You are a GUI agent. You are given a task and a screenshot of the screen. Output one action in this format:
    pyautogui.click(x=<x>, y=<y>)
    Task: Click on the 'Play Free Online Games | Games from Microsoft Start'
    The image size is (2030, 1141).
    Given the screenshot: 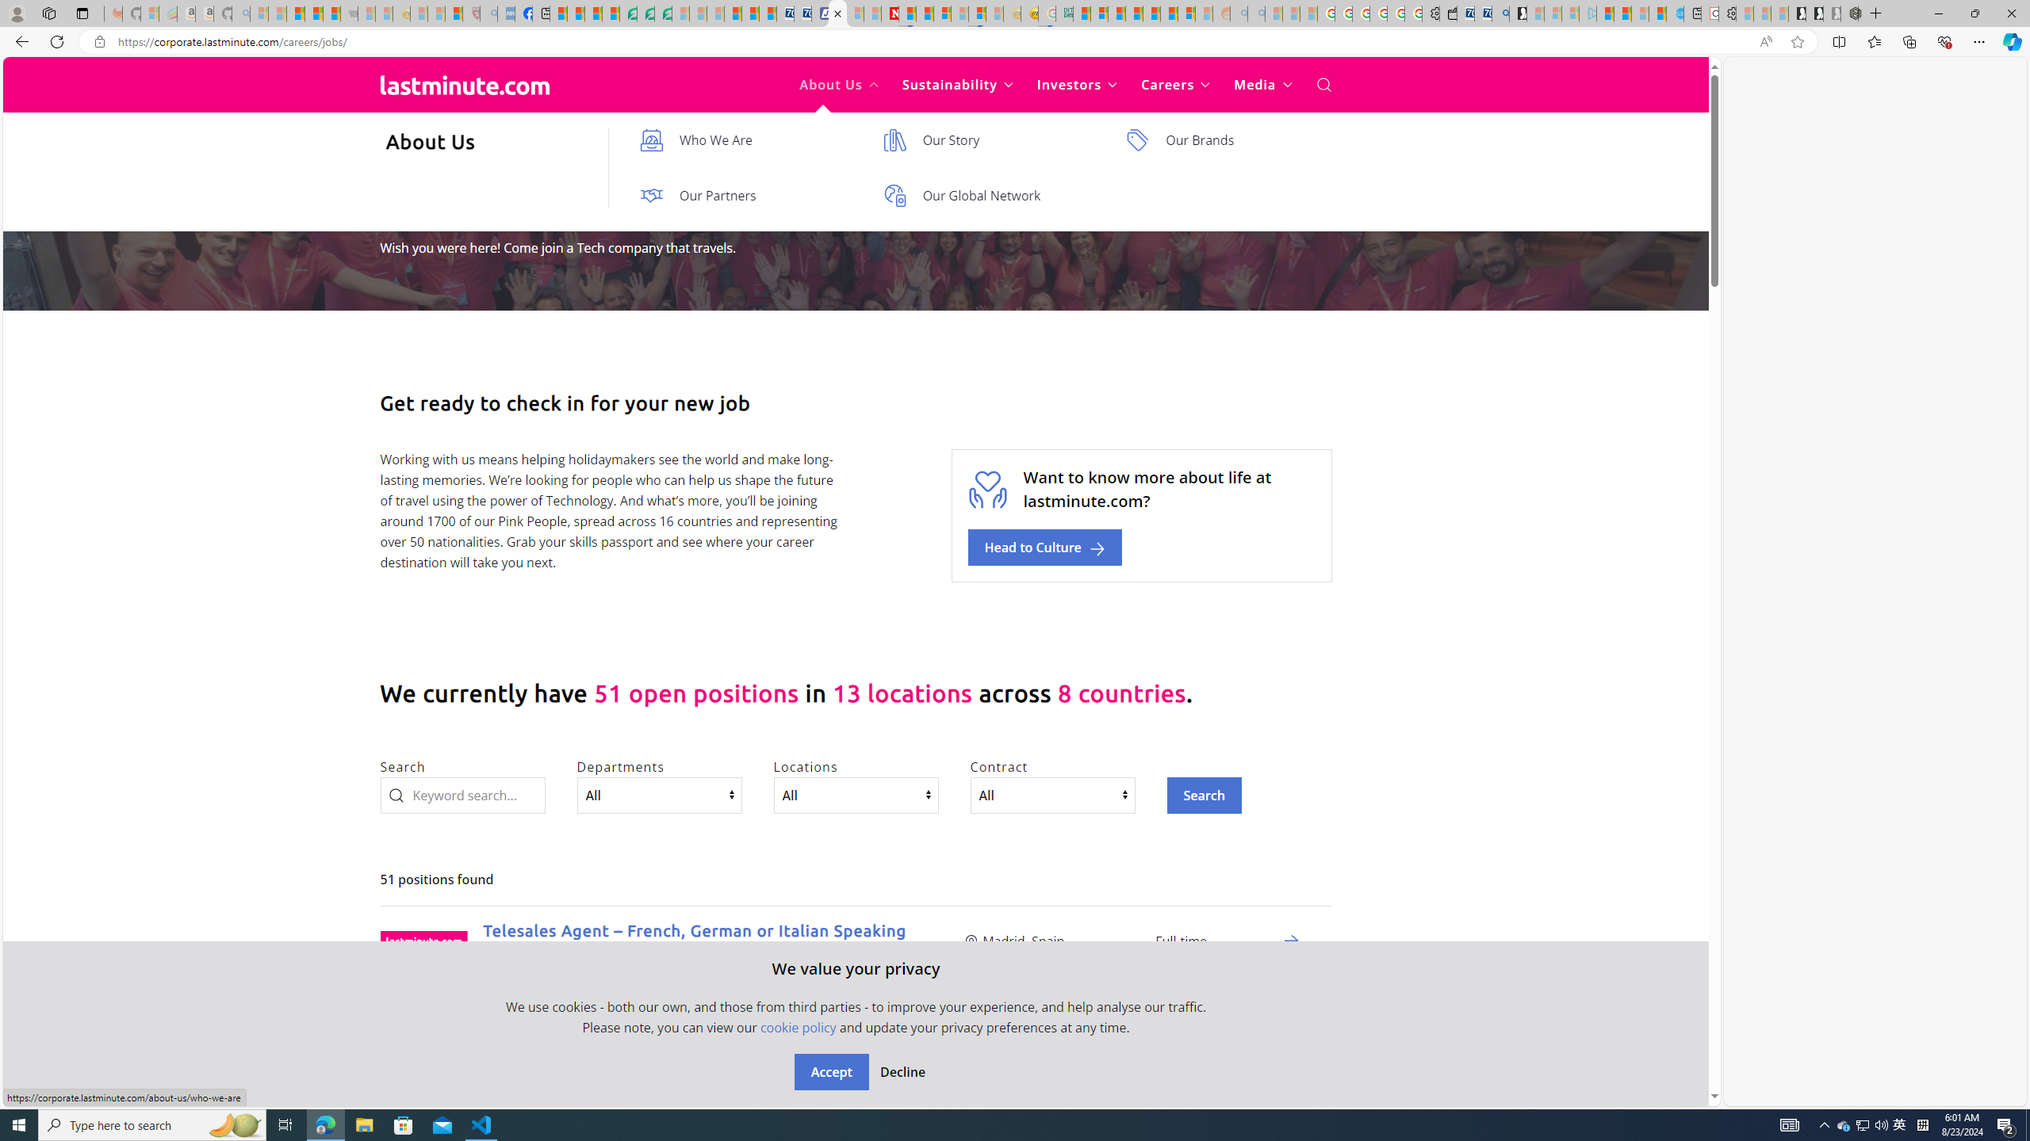 What is the action you would take?
    pyautogui.click(x=1797, y=13)
    